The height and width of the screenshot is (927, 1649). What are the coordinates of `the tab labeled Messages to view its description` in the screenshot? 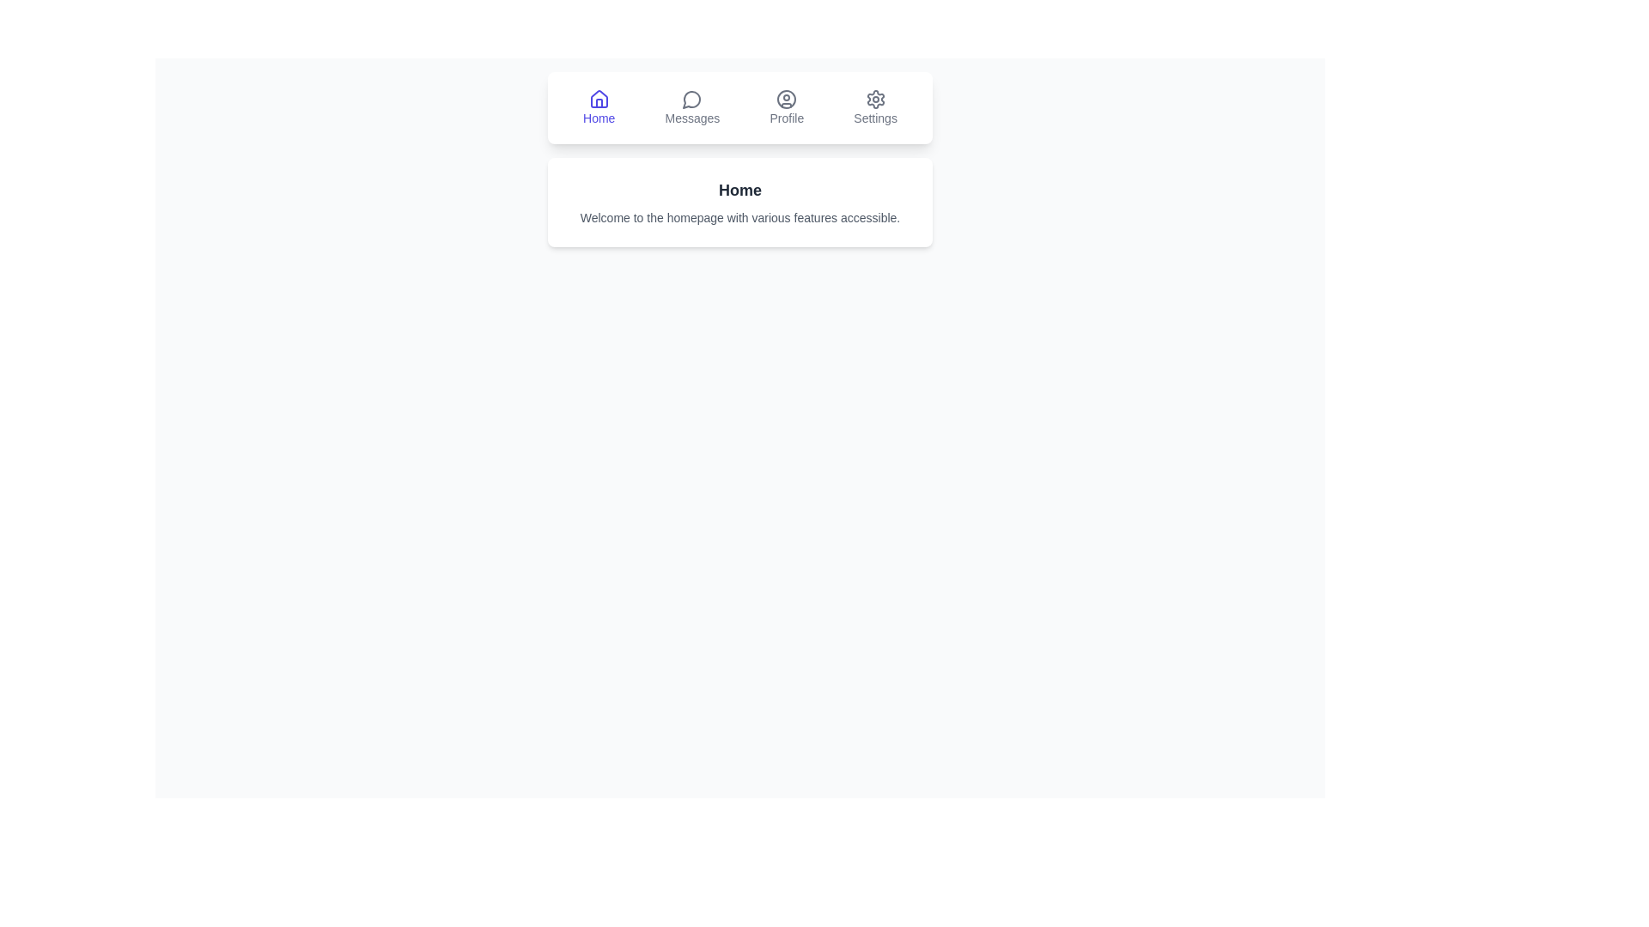 It's located at (692, 108).